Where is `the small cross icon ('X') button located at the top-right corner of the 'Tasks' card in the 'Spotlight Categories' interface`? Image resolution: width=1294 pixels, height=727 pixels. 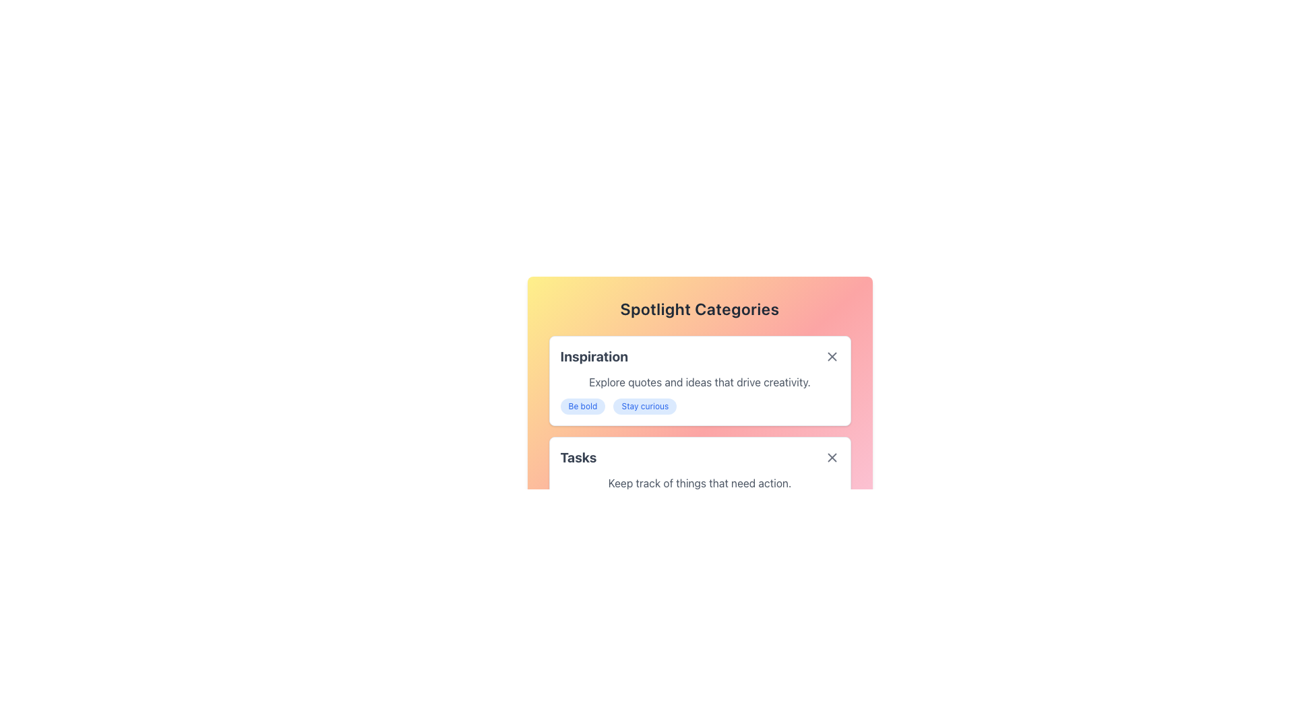
the small cross icon ('X') button located at the top-right corner of the 'Tasks' card in the 'Spotlight Categories' interface is located at coordinates (831, 456).